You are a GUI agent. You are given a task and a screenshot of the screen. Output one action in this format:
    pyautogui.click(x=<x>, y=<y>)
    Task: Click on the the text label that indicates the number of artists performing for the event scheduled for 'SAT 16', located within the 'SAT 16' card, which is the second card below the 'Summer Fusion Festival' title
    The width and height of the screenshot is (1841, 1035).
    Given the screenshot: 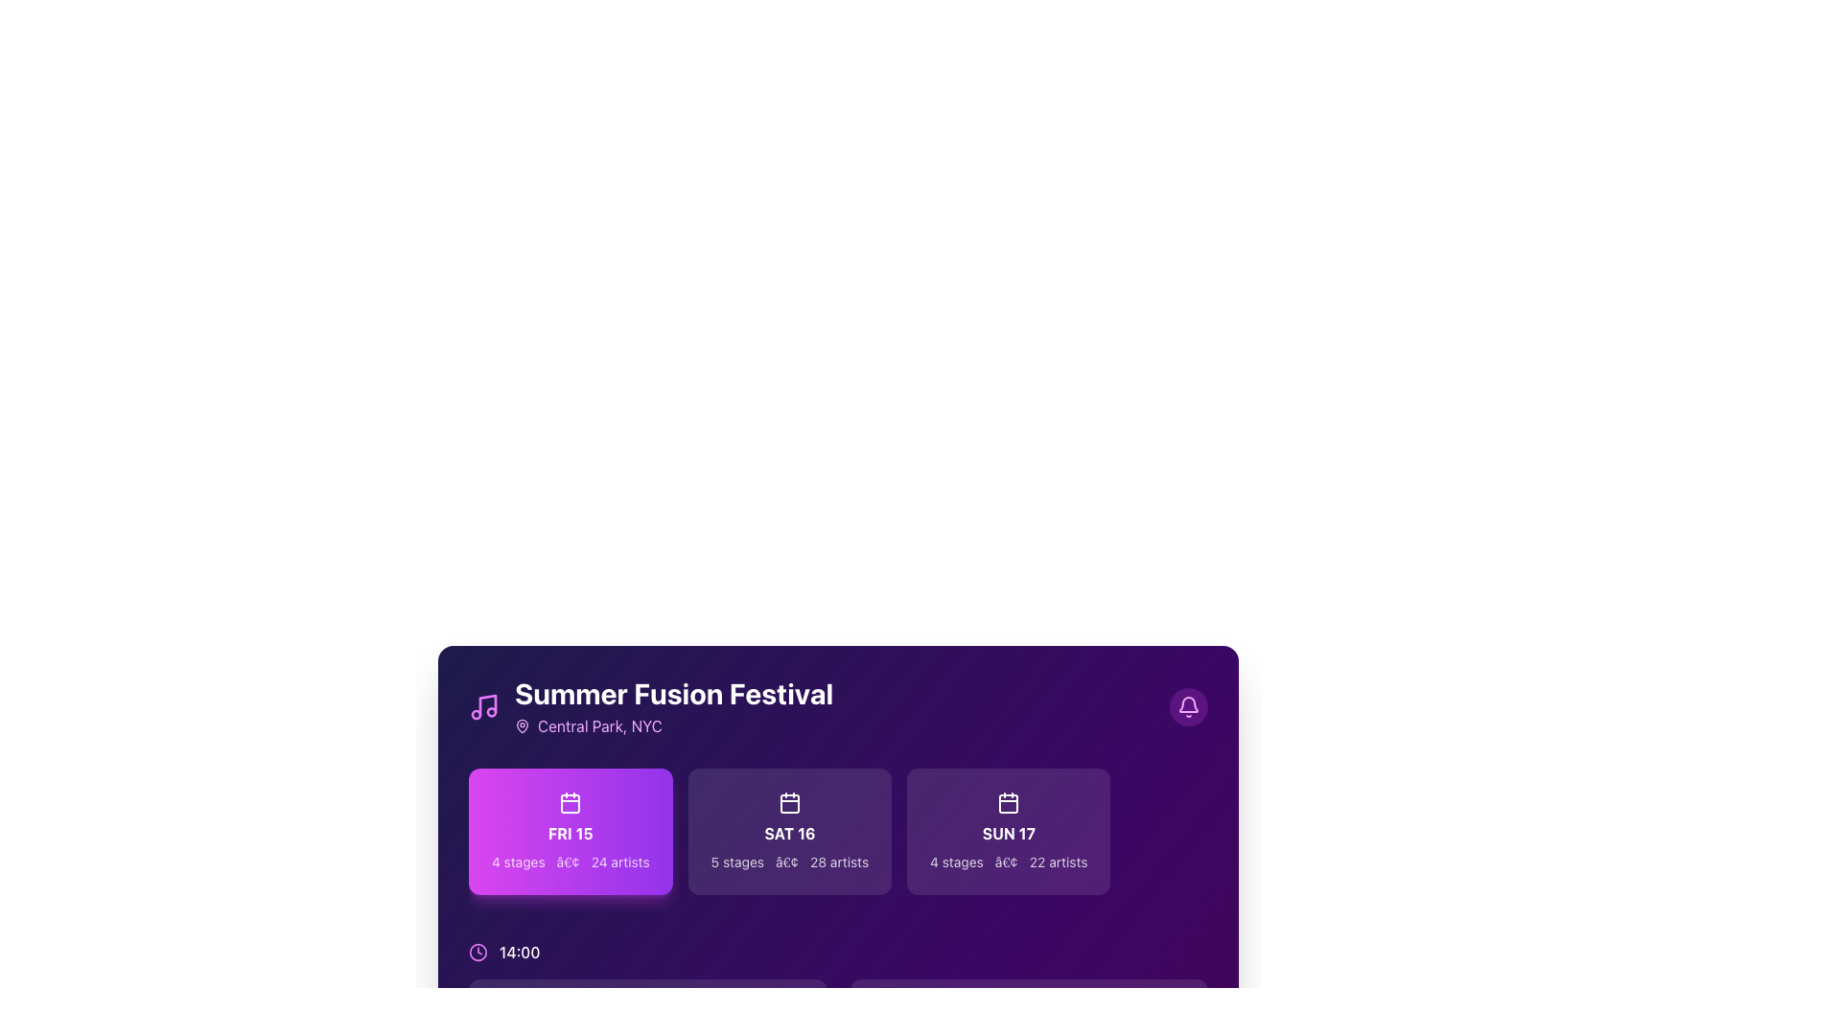 What is the action you would take?
    pyautogui.click(x=839, y=861)
    